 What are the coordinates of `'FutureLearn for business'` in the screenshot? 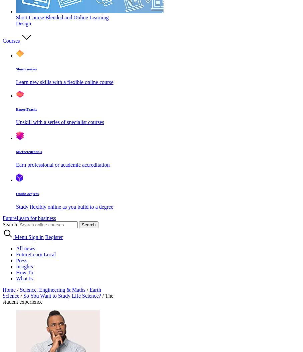 It's located at (29, 218).